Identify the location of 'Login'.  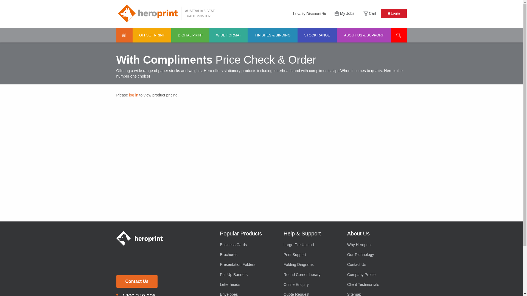
(394, 13).